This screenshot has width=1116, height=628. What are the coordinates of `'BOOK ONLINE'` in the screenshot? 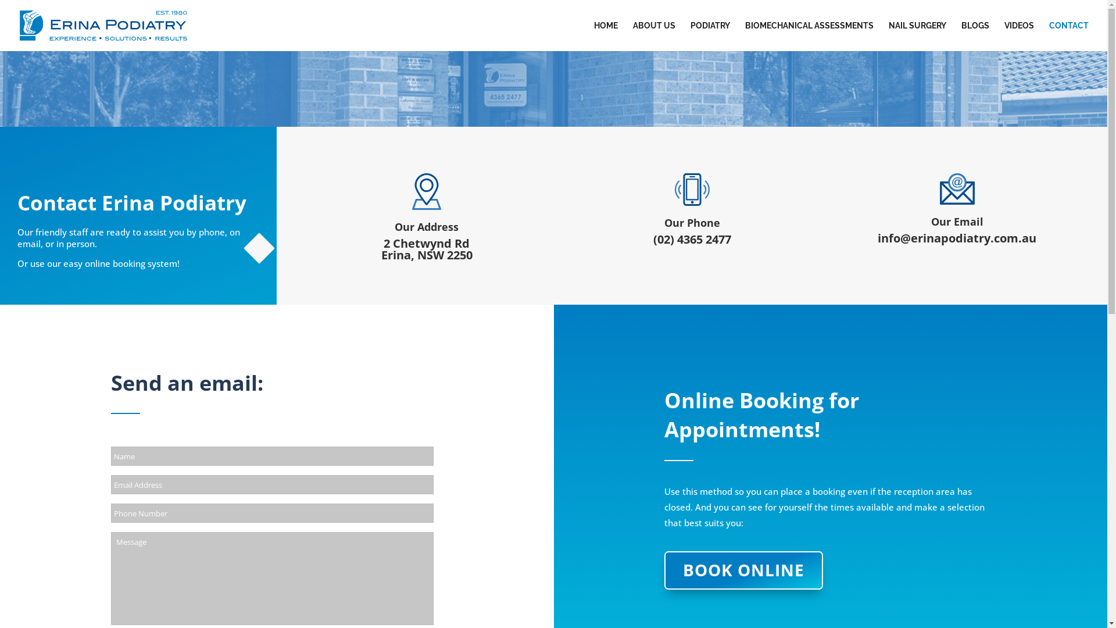 It's located at (743, 569).